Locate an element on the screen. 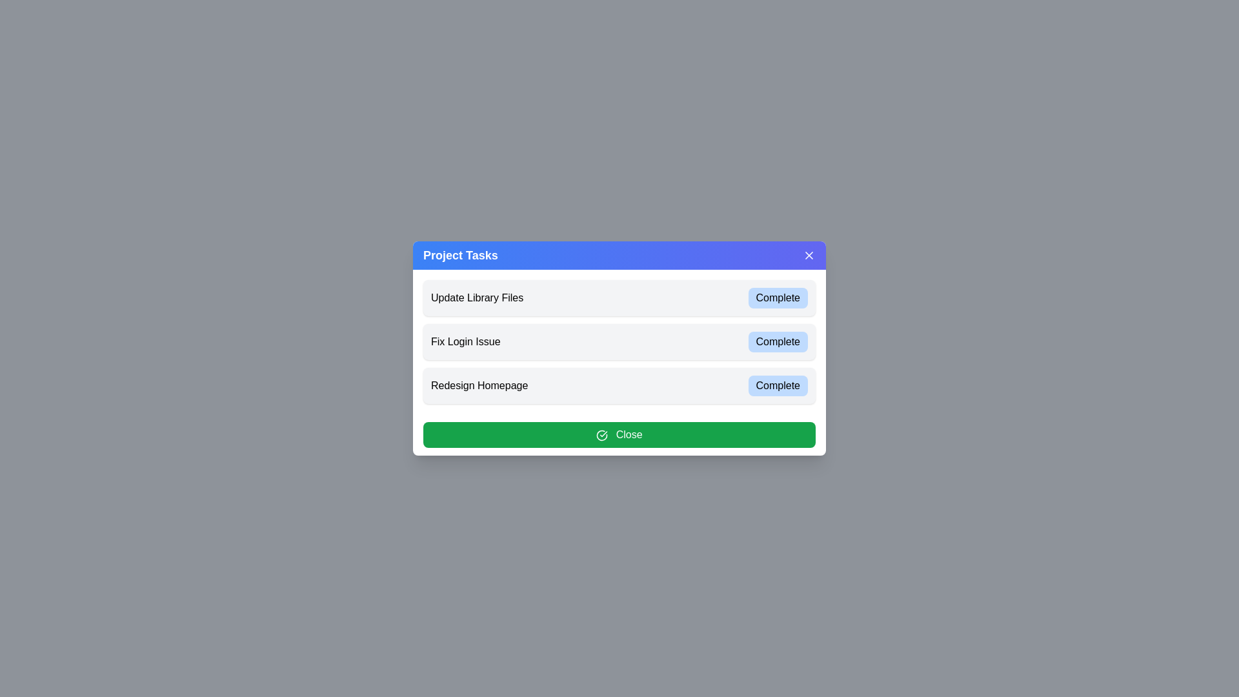  the horizontal bar labeled 'Update Library Files' which contains the 'Complete' button on the right is located at coordinates (619, 298).